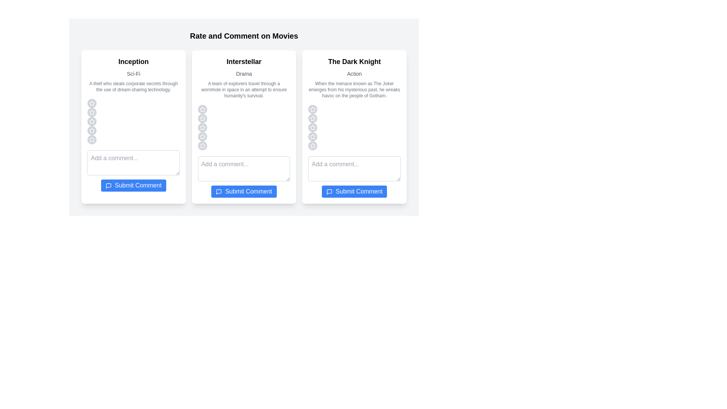 The width and height of the screenshot is (727, 409). I want to click on the star corresponding to the rating 5 for the movie Interstellar, so click(202, 146).